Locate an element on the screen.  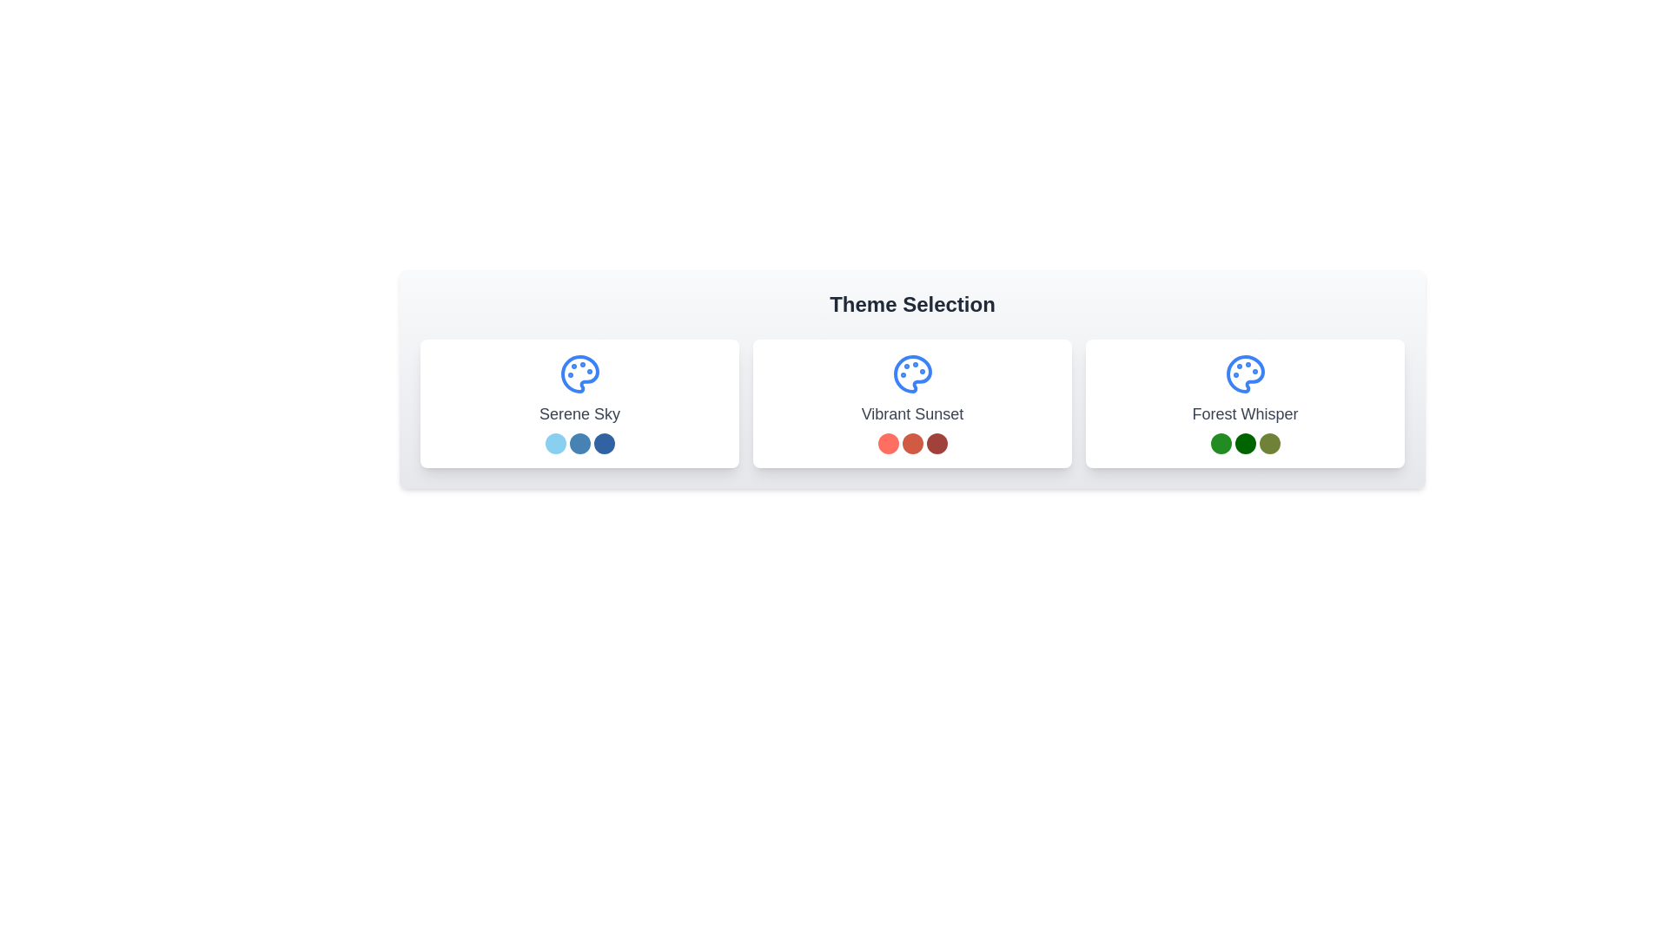
the 'Vibrant Sunset' theme text label located in the central panel of the 'Theme Selection' section, positioned below the palette icon and above the series of colored dots is located at coordinates (911, 414).